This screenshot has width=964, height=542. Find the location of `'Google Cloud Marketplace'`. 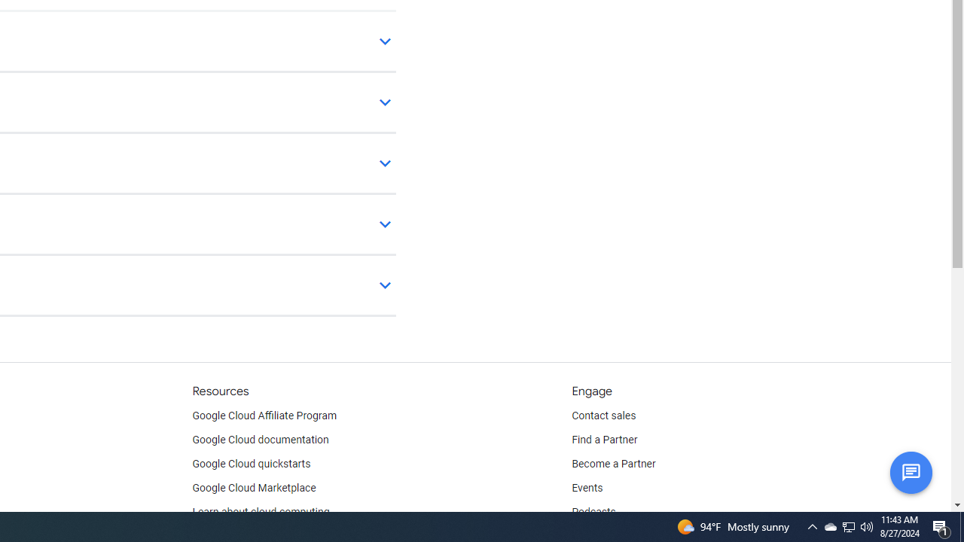

'Google Cloud Marketplace' is located at coordinates (254, 489).